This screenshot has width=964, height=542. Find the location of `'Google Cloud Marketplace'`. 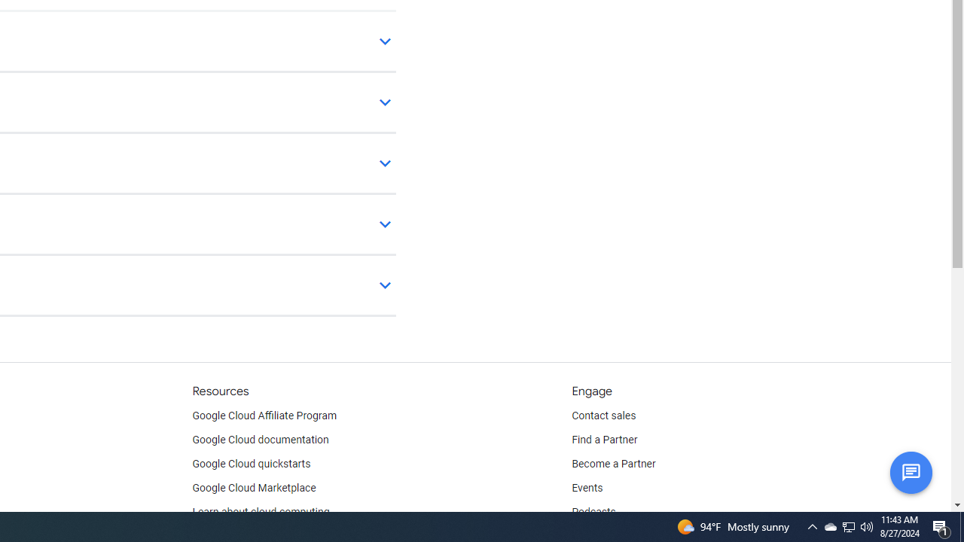

'Google Cloud Marketplace' is located at coordinates (254, 489).